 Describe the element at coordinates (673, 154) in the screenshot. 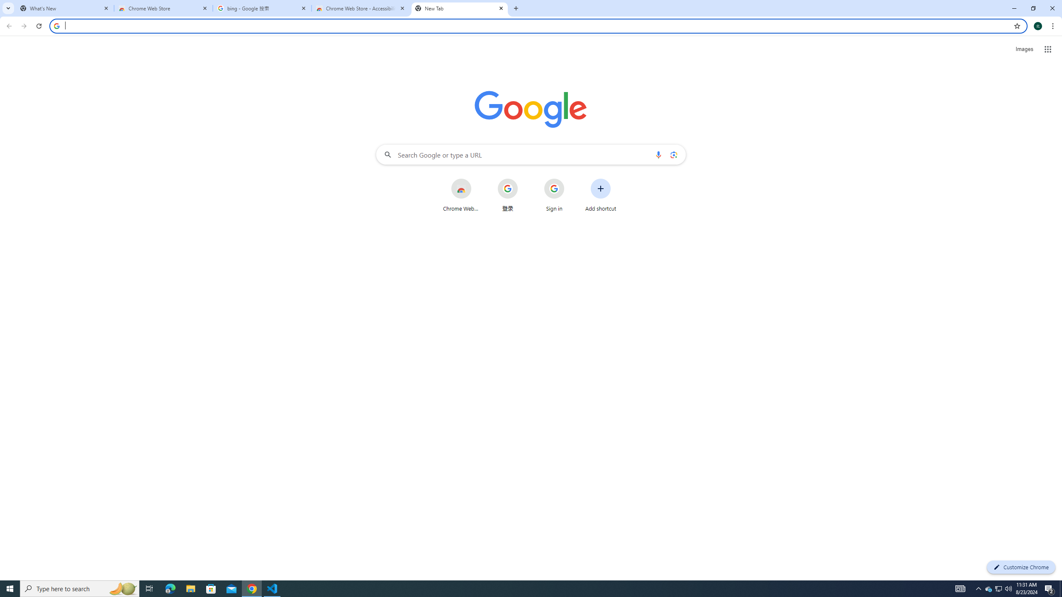

I see `'Search by image'` at that location.